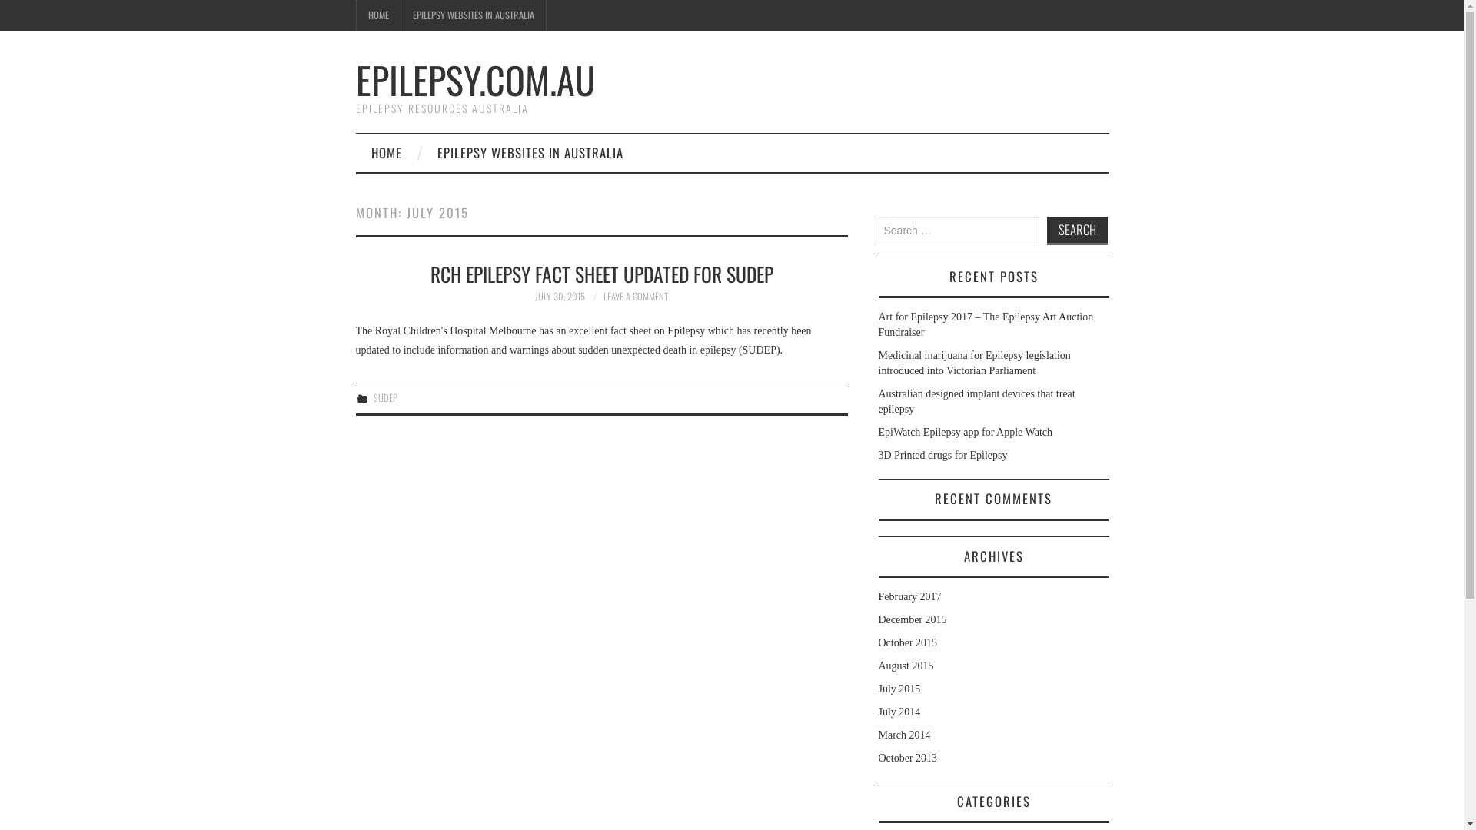 The width and height of the screenshot is (1476, 830). I want to click on 'Search', so click(1076, 231).